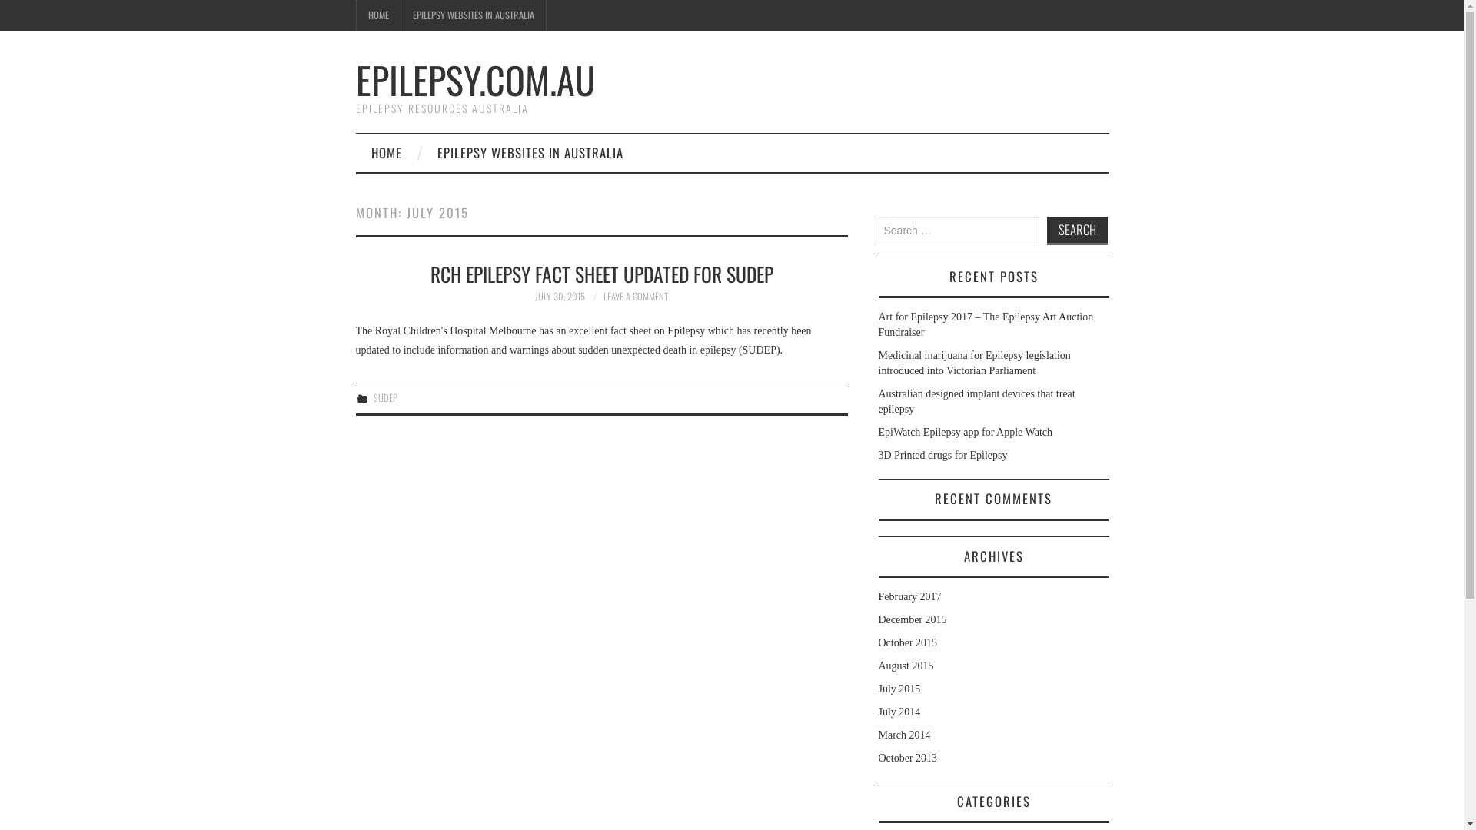 The width and height of the screenshot is (1476, 830). I want to click on 'Search', so click(1076, 231).